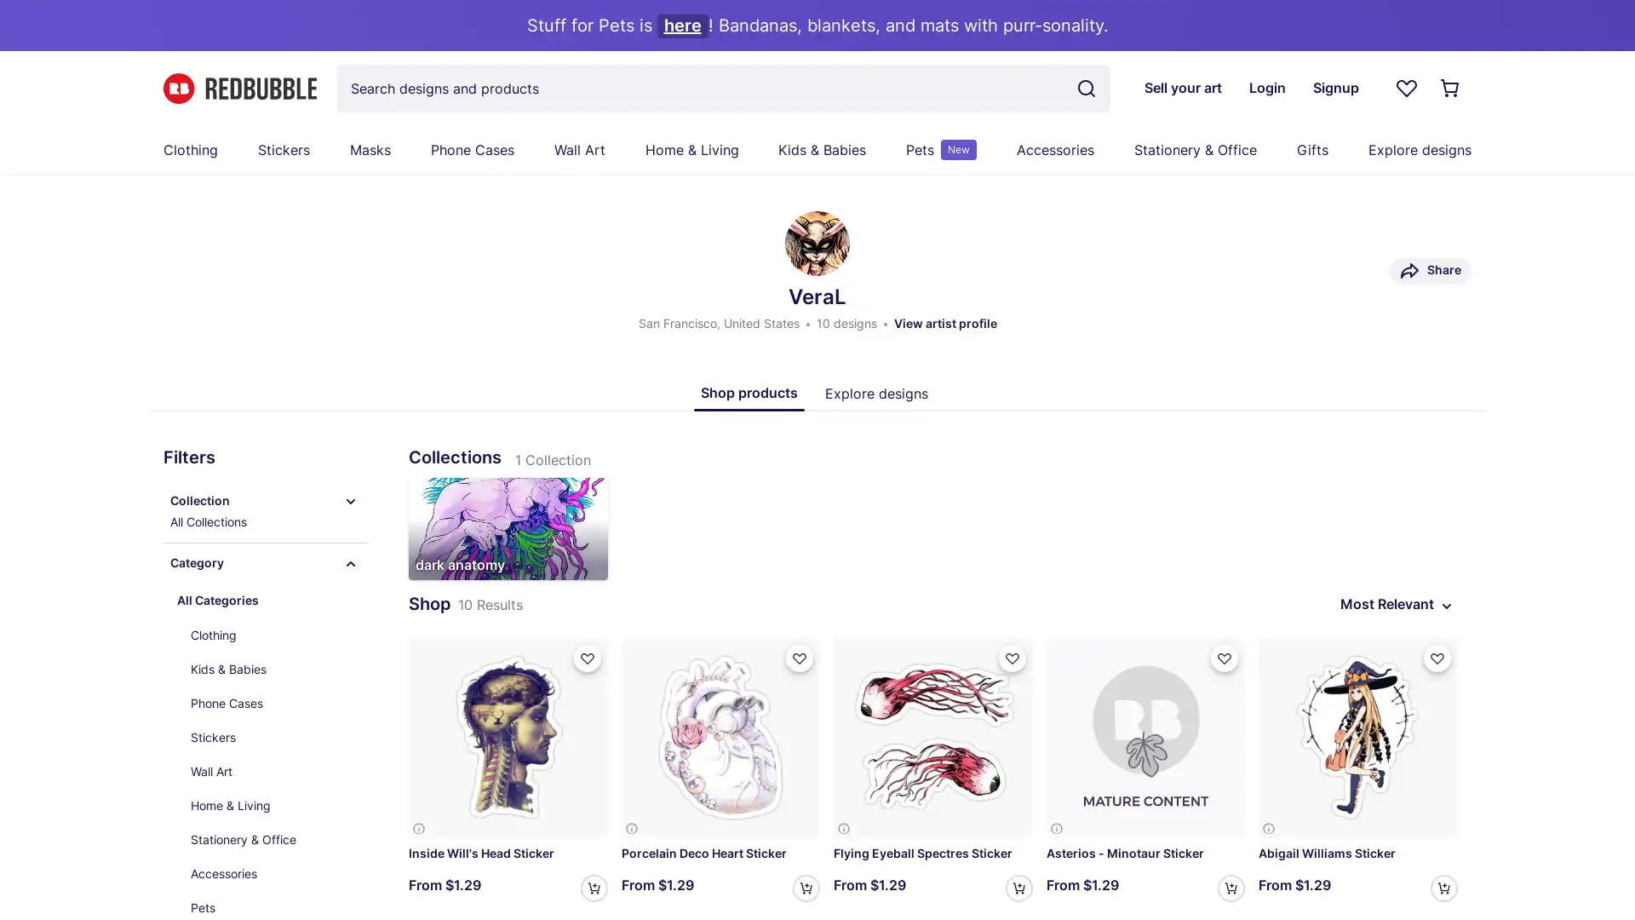 This screenshot has width=1635, height=920. I want to click on Favorite, so click(1224, 657).